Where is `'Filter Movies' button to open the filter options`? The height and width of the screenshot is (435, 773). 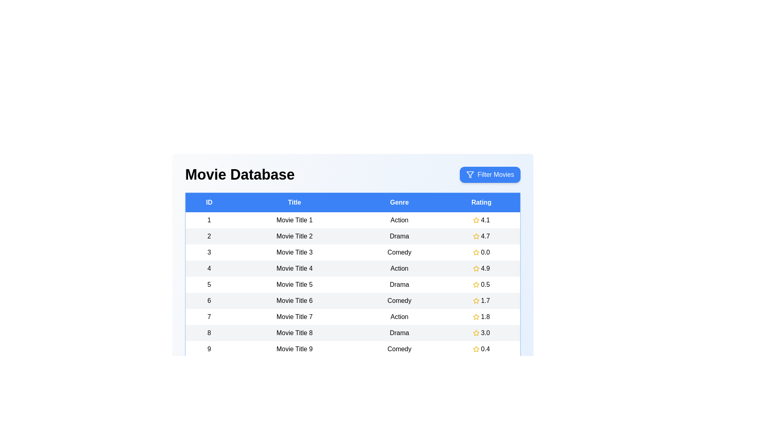
'Filter Movies' button to open the filter options is located at coordinates (490, 174).